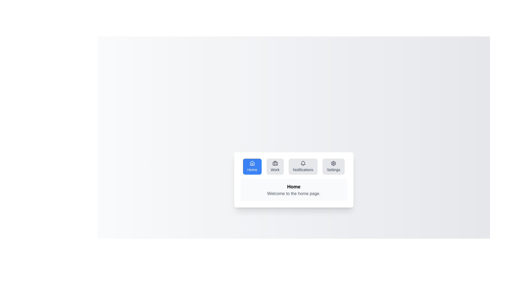  I want to click on the second interactive button in the horizontal menu bar that navigates to the 'Work' section, so click(275, 166).